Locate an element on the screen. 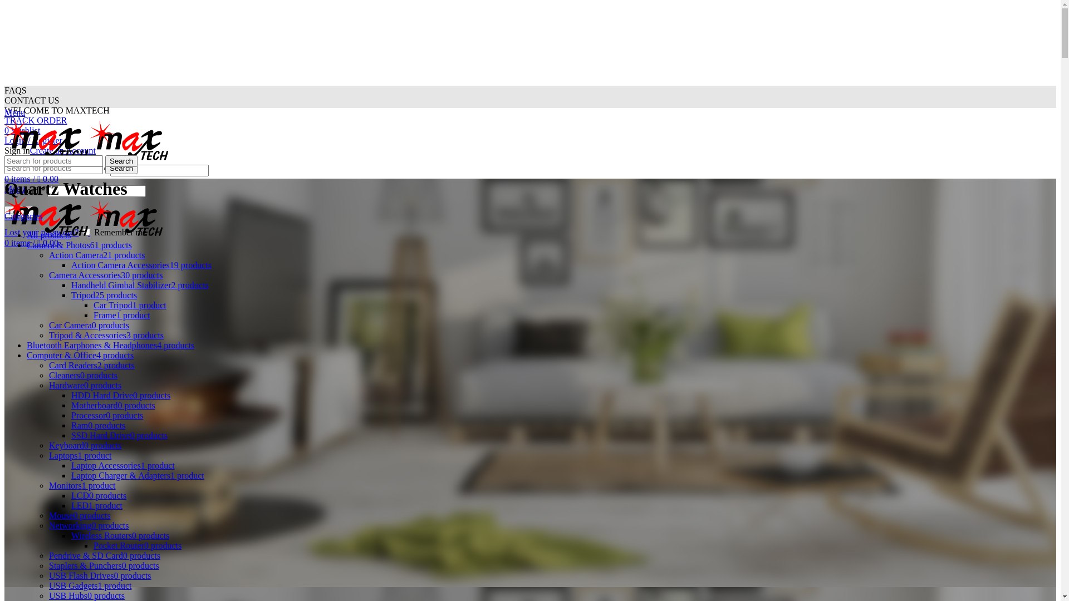 The width and height of the screenshot is (1069, 601). 'Pendrive & SD Card0 products' is located at coordinates (104, 555).